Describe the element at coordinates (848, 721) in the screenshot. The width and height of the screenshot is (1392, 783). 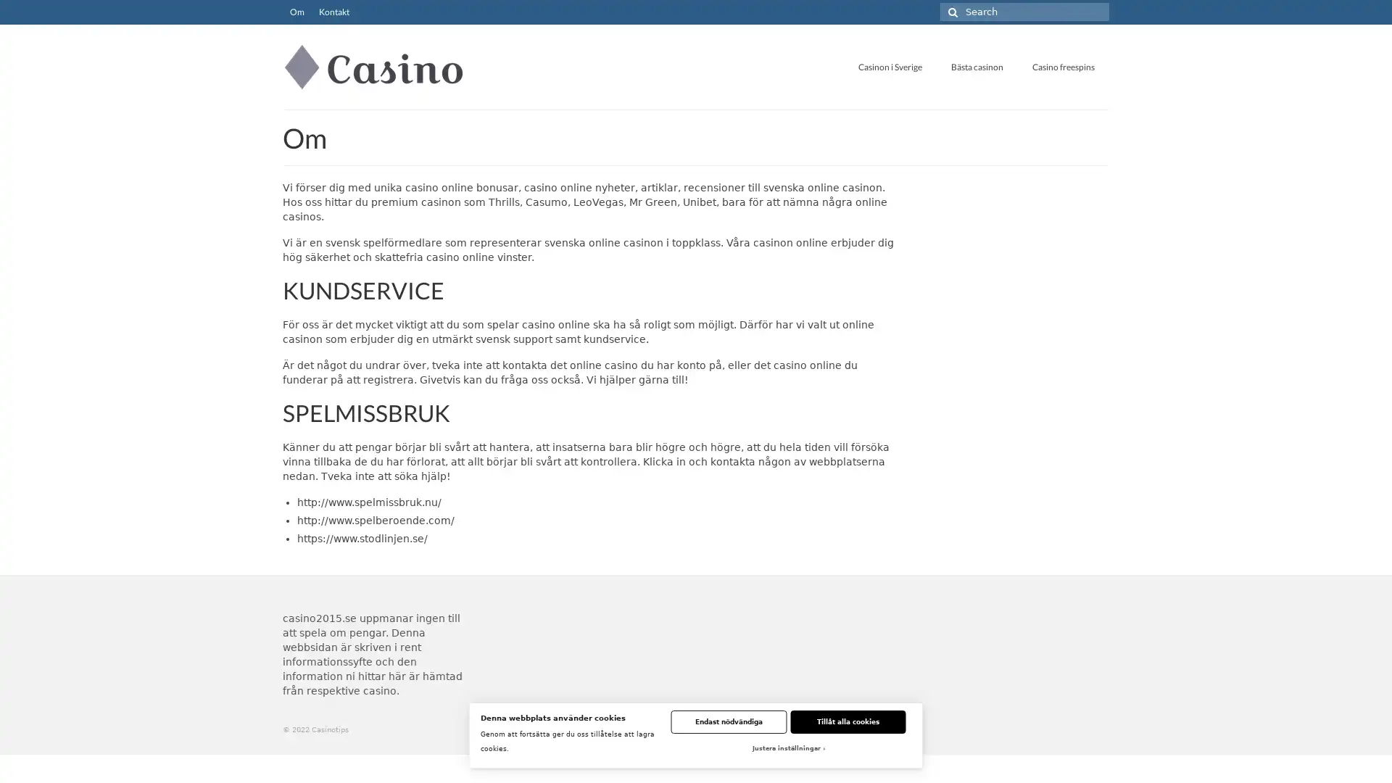
I see `Tillat alla cookies` at that location.